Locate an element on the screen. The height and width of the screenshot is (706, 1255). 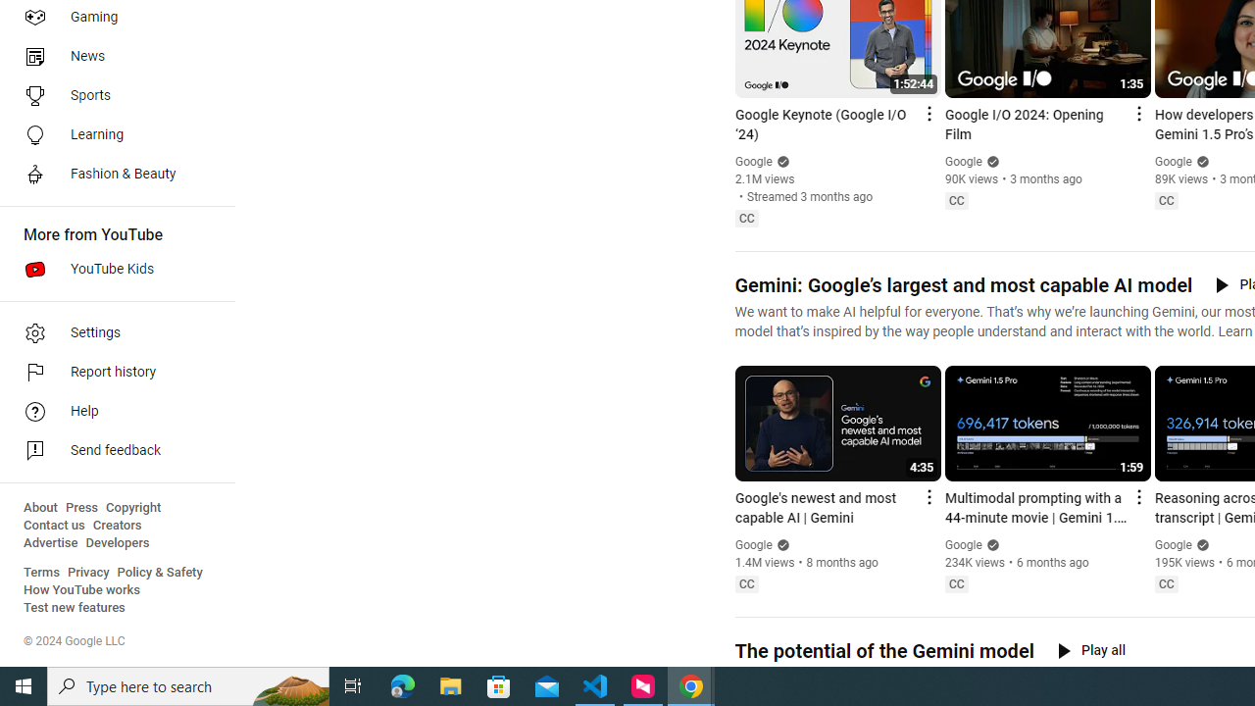
'Settings' is located at coordinates (110, 331).